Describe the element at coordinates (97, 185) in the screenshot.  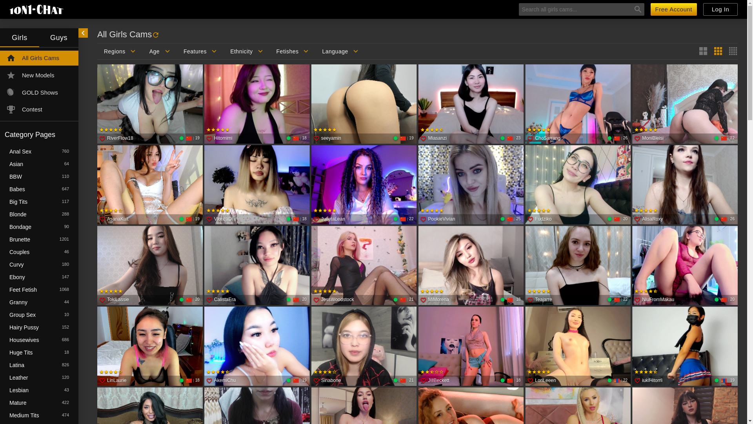
I see `'AsanaKuit` at that location.